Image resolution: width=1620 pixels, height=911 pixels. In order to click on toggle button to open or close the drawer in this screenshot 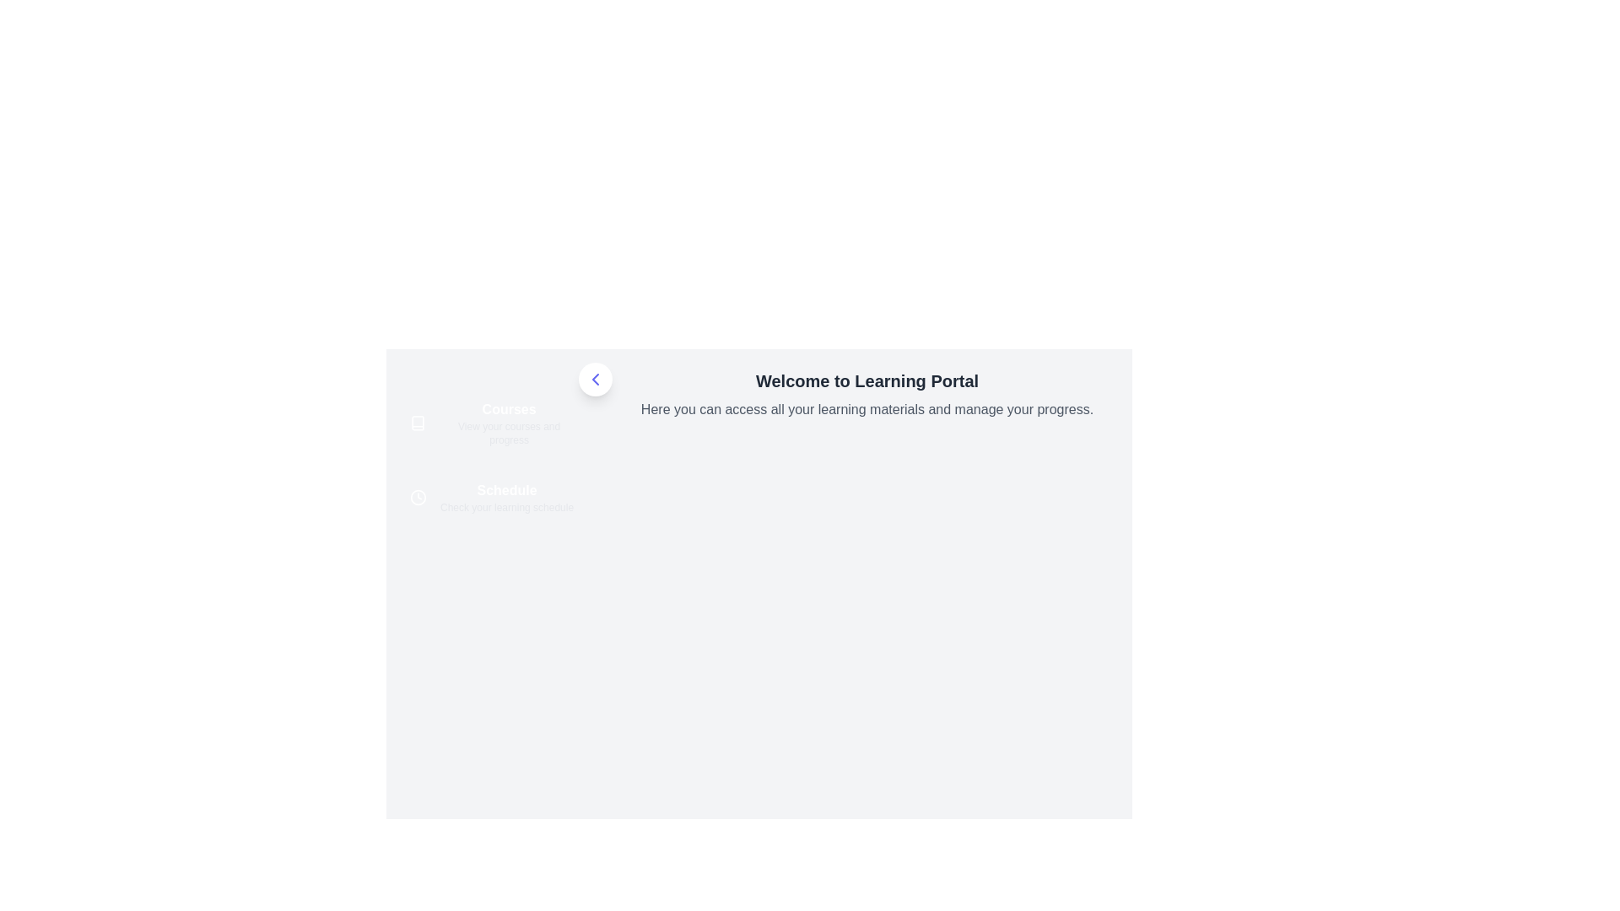, I will do `click(595, 380)`.